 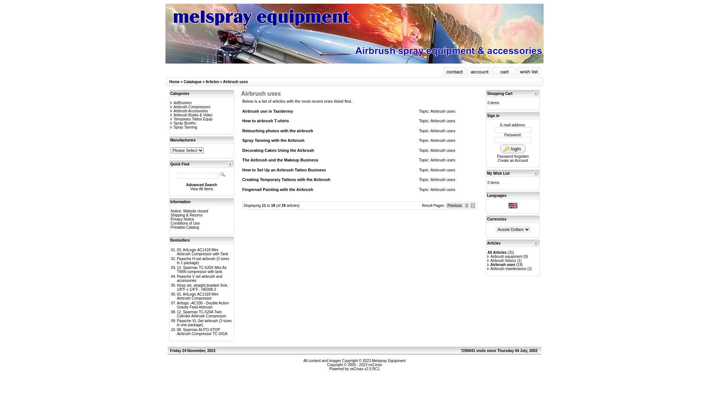 I want to click on 'Spray Tanning with the Airbrush', so click(x=273, y=140).